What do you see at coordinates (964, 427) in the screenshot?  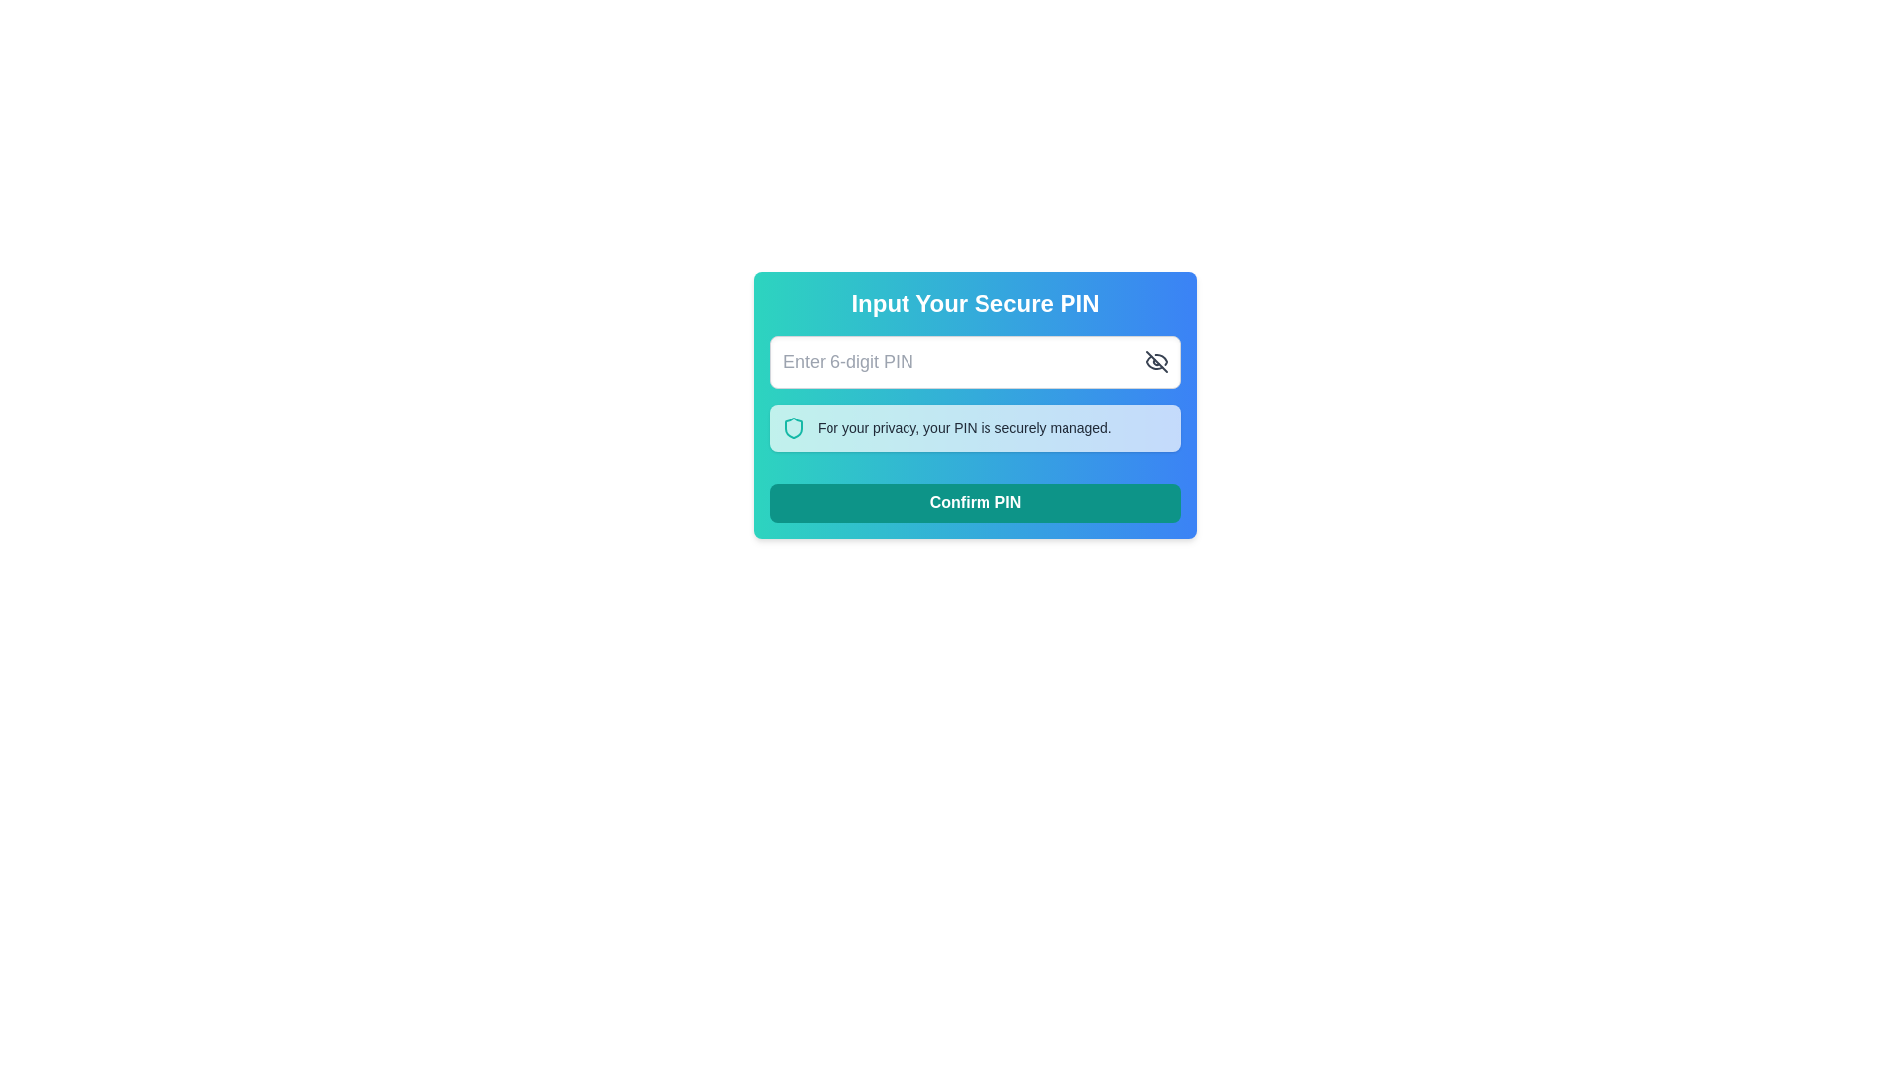 I see `the non-interactive text element that provides information about secure handling of the user's PIN, located below the PIN input field` at bounding box center [964, 427].